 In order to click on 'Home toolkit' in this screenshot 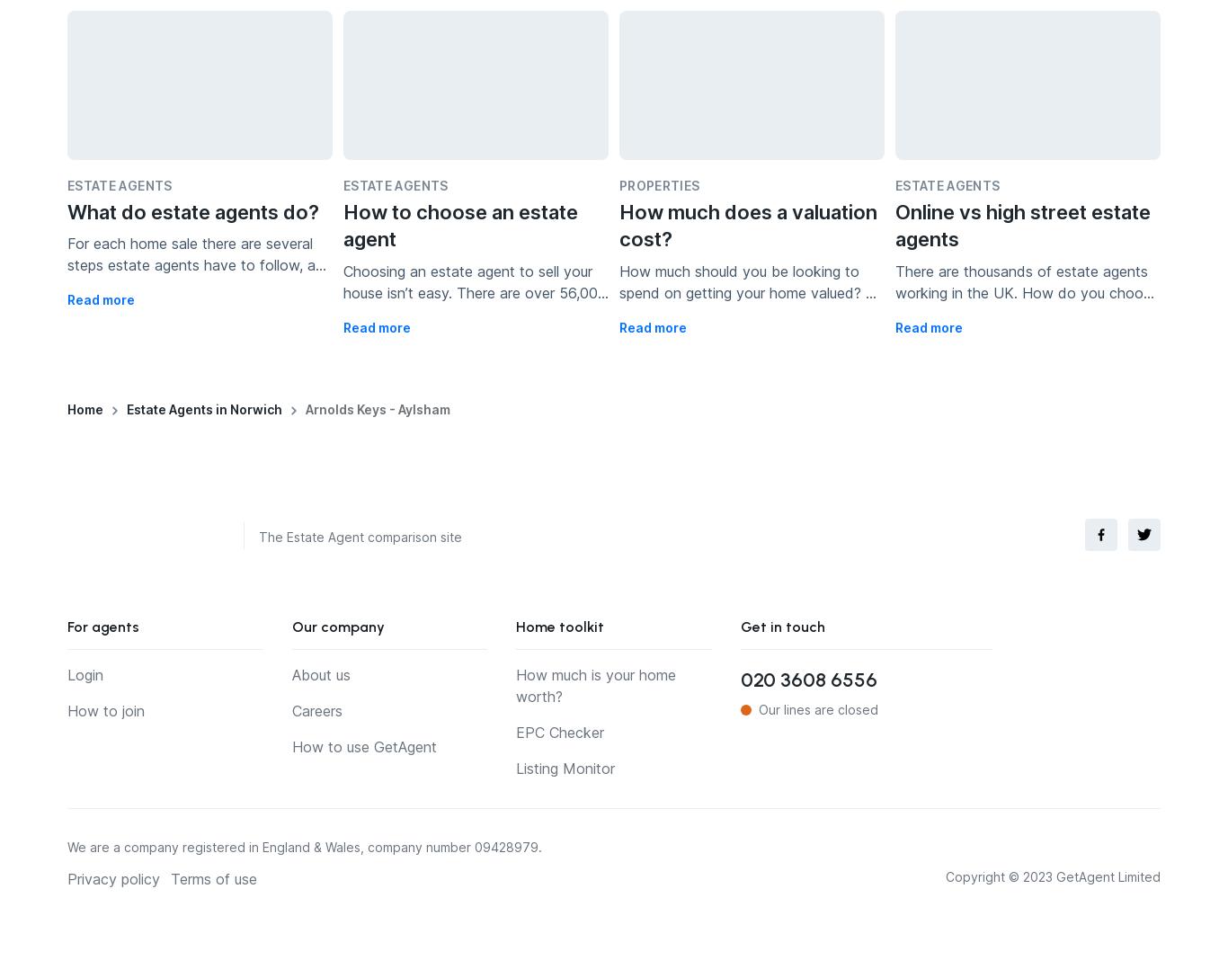, I will do `click(559, 627)`.